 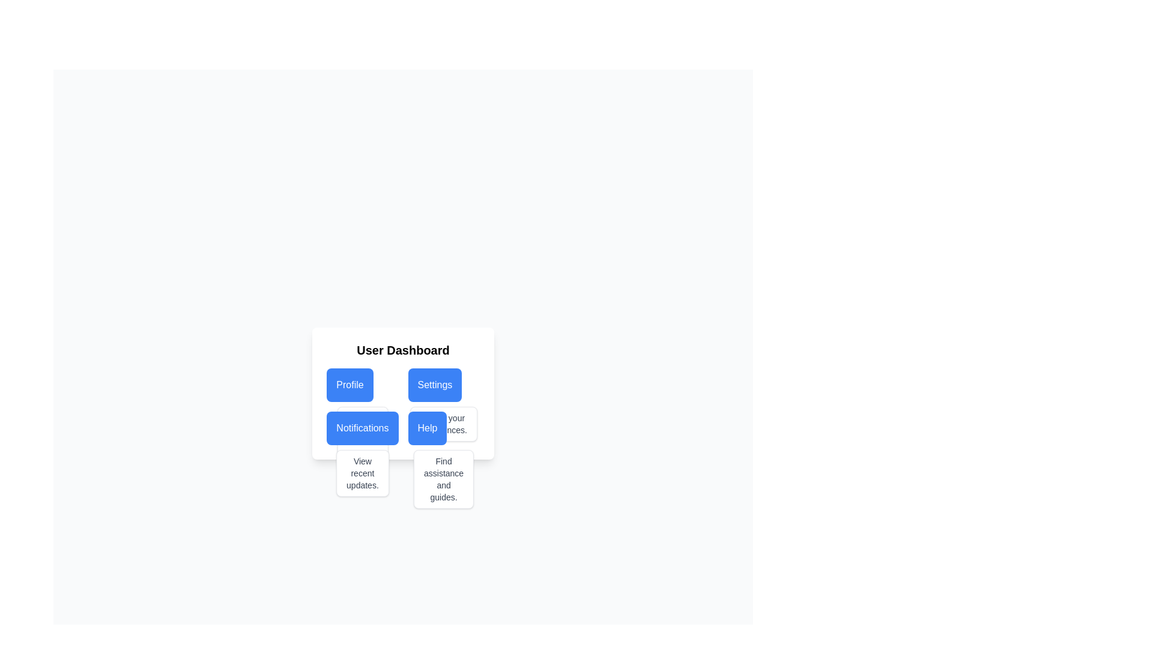 I want to click on the blue rectangular 'Help' button with rounded edges, so click(x=443, y=427).